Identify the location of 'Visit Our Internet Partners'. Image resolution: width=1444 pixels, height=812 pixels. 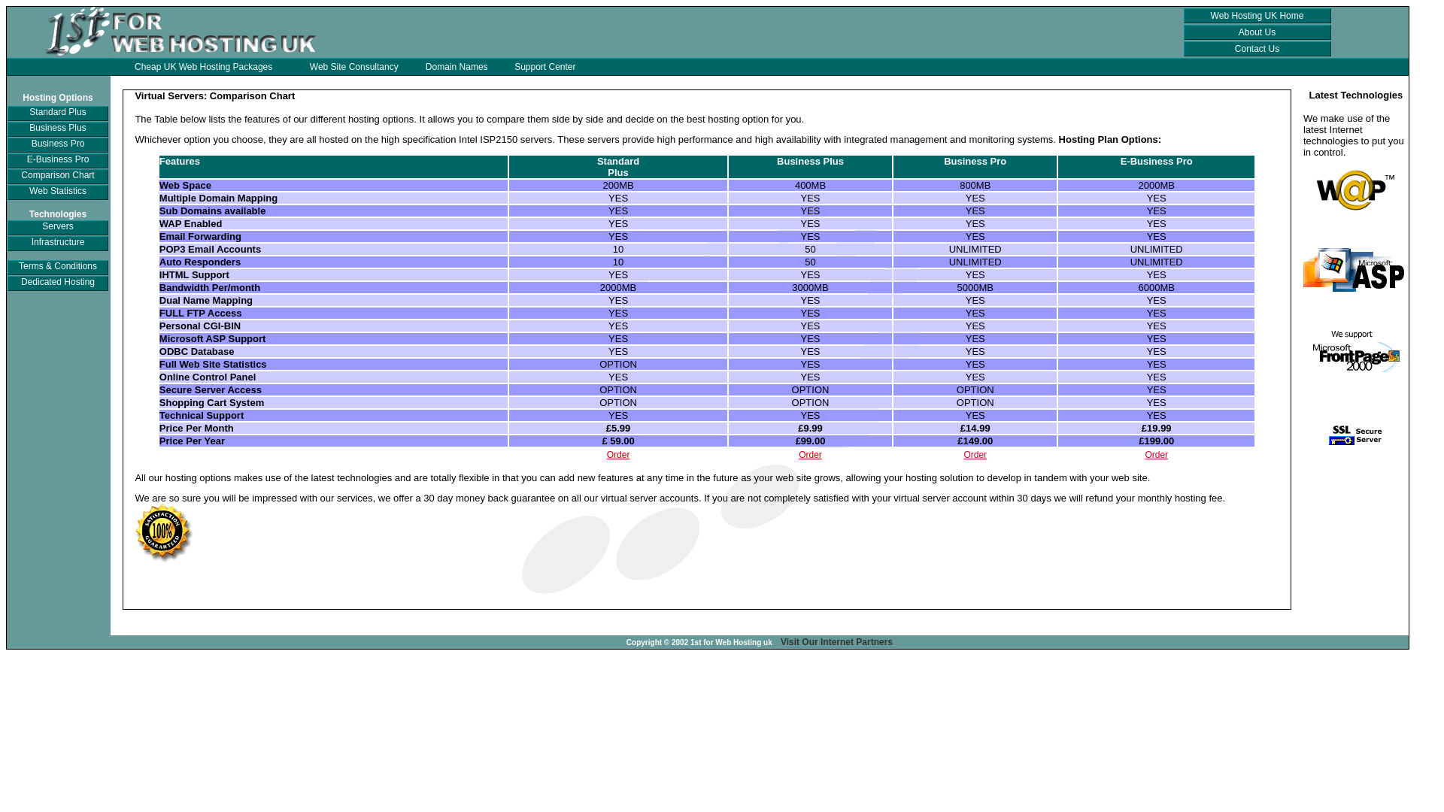
(836, 641).